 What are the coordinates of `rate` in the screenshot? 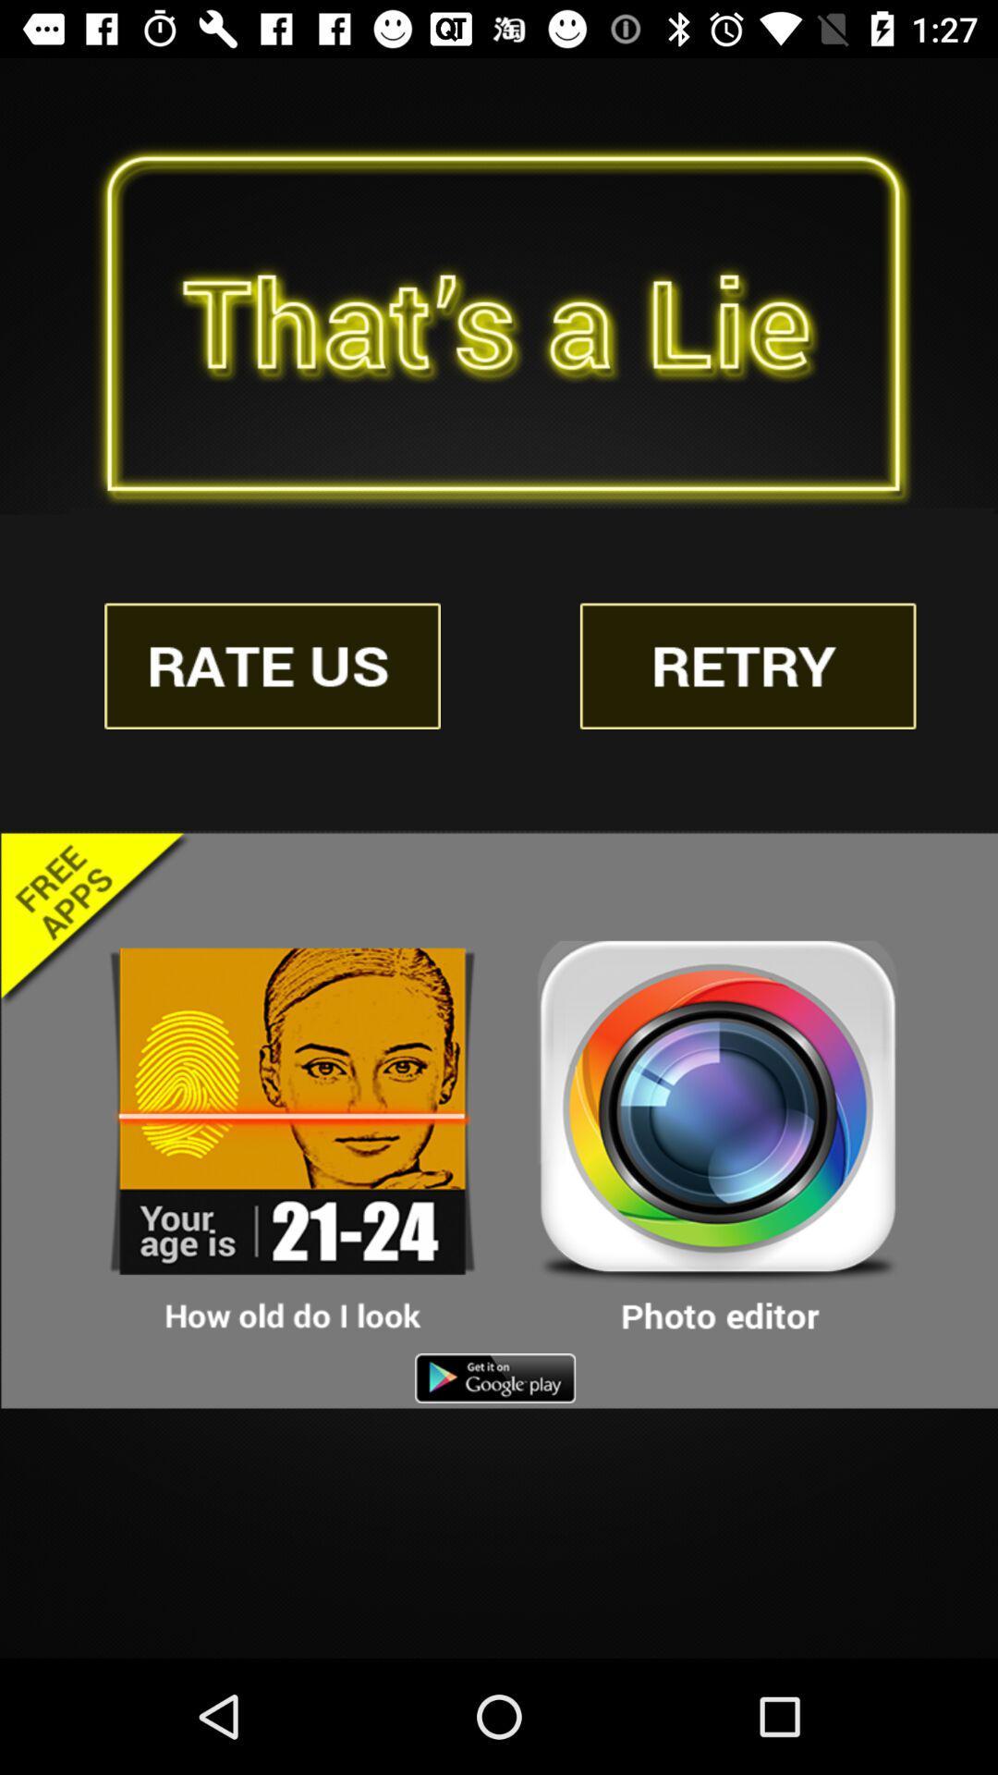 It's located at (273, 666).